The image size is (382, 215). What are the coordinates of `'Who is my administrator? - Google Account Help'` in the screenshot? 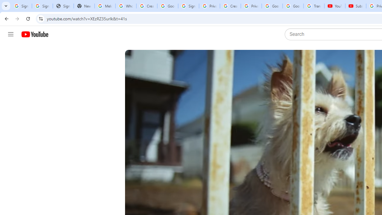 It's located at (125, 6).